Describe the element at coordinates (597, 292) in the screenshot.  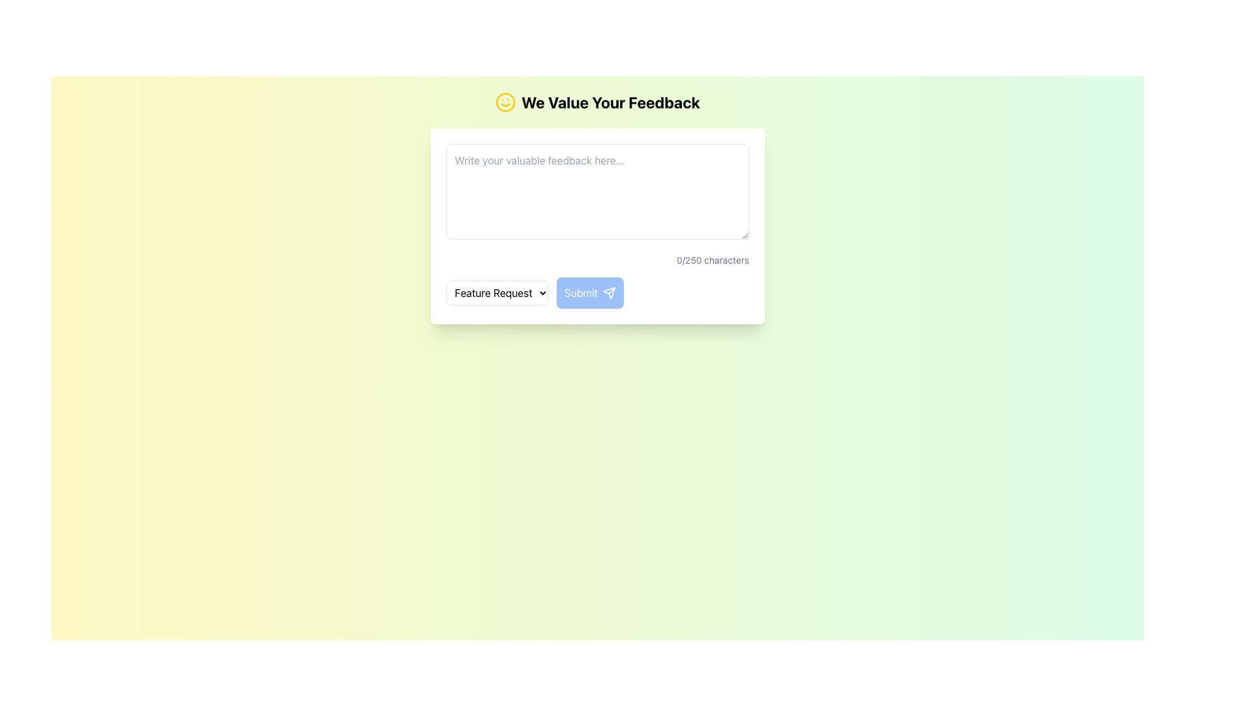
I see `the 'Submit' button located on the right side of the 'Feature Request' dropdown in the feedback card` at that location.